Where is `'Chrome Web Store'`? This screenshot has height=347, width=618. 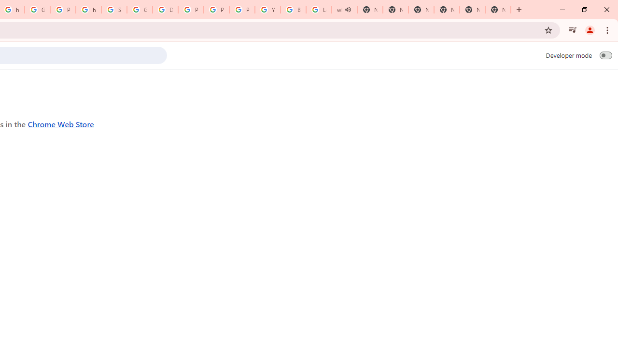 'Chrome Web Store' is located at coordinates (60, 123).